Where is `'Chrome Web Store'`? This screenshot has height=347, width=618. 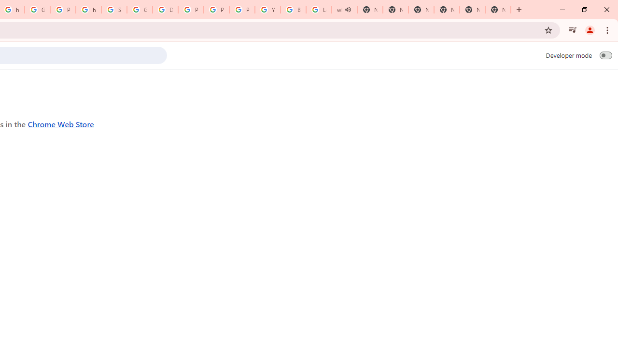 'Chrome Web Store' is located at coordinates (60, 123).